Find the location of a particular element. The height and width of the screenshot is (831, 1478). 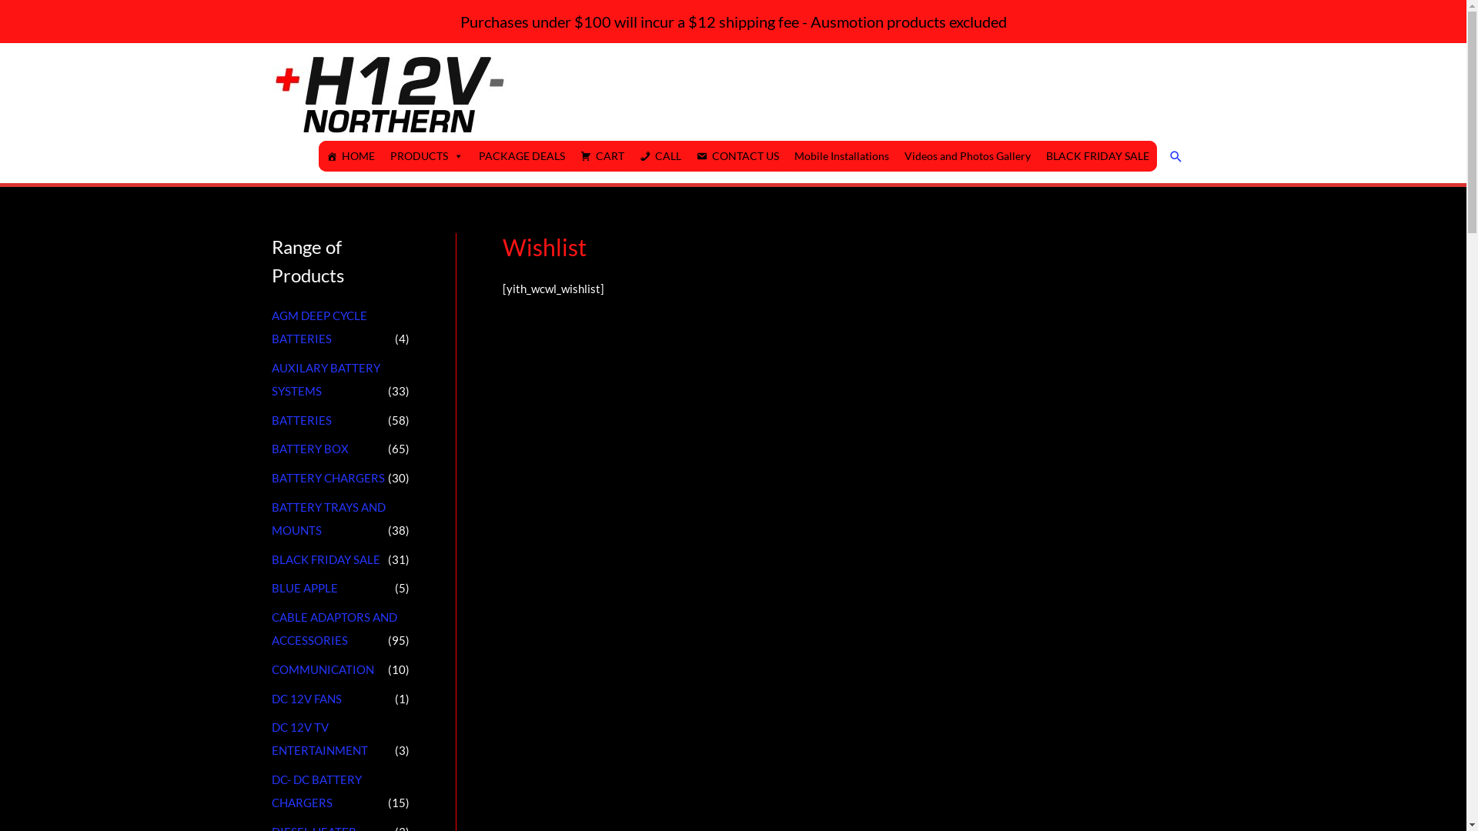

'COMMUNICATION' is located at coordinates (321, 669).